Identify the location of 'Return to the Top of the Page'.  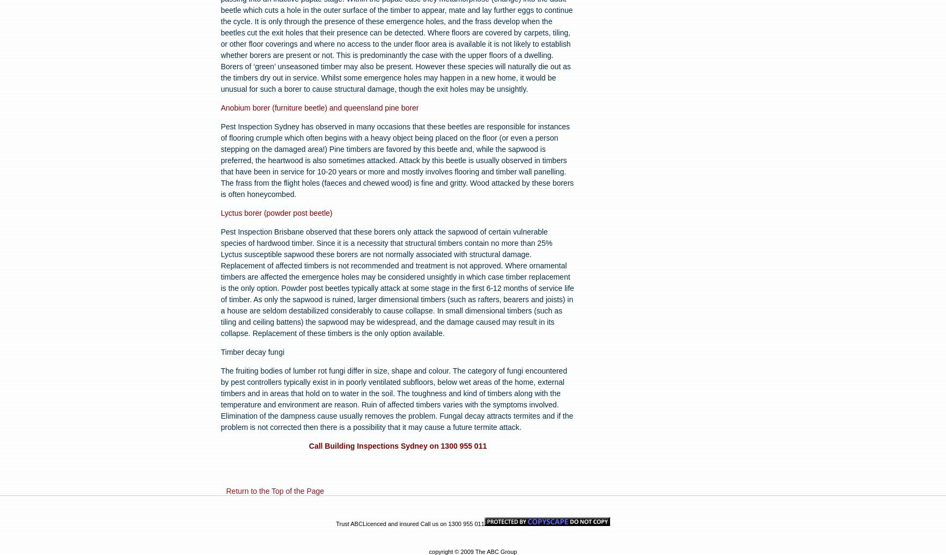
(275, 490).